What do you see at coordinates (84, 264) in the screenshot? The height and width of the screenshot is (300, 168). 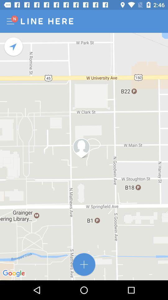 I see `a location` at bounding box center [84, 264].